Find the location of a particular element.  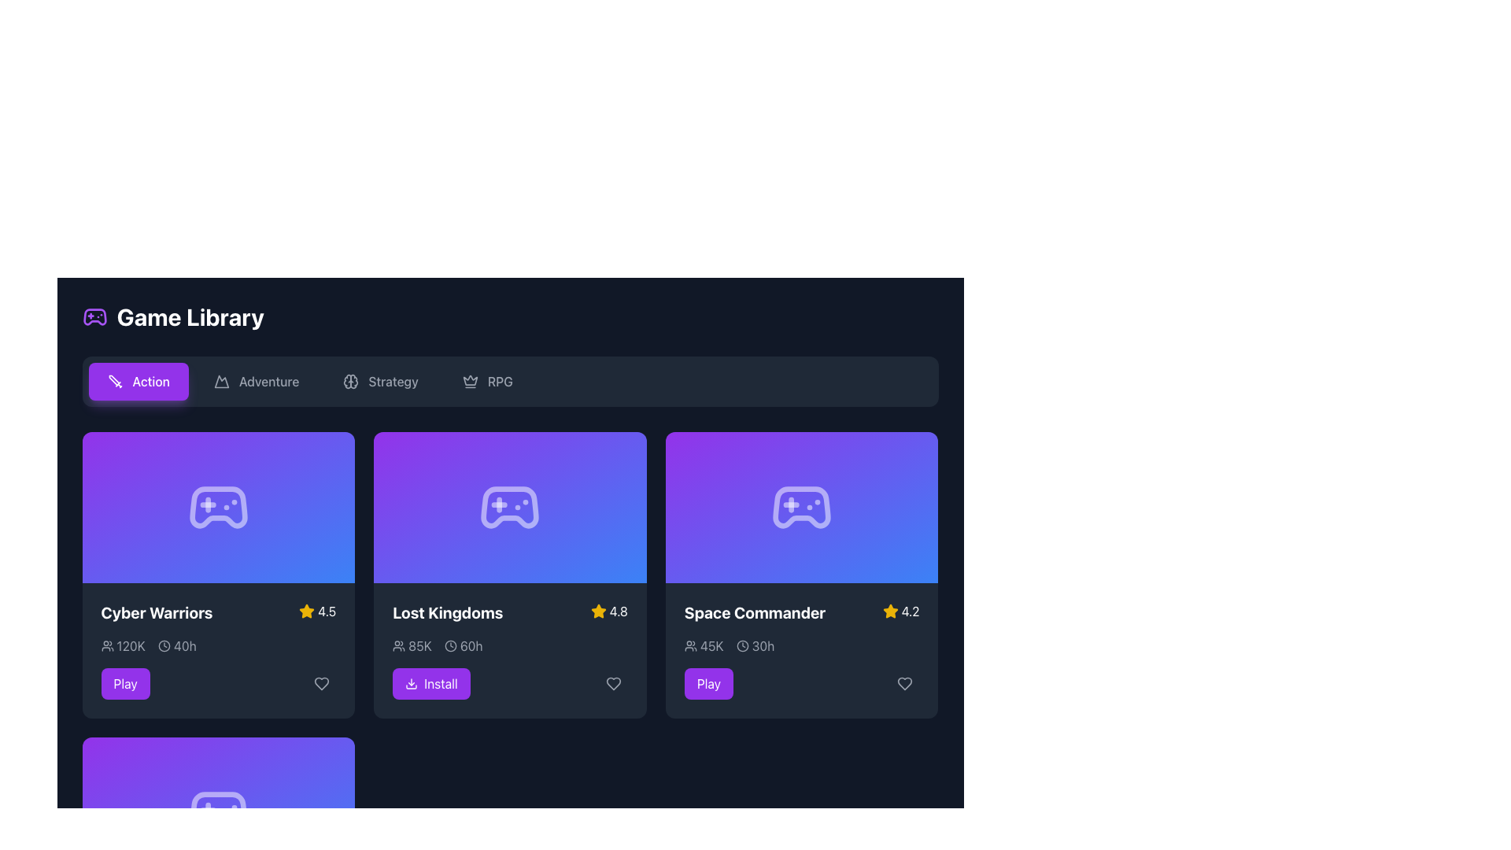

the bright yellow star-shaped icon located next to the rating text '4.5' within the first game card labeled 'Cyber Warriors' is located at coordinates (307, 610).